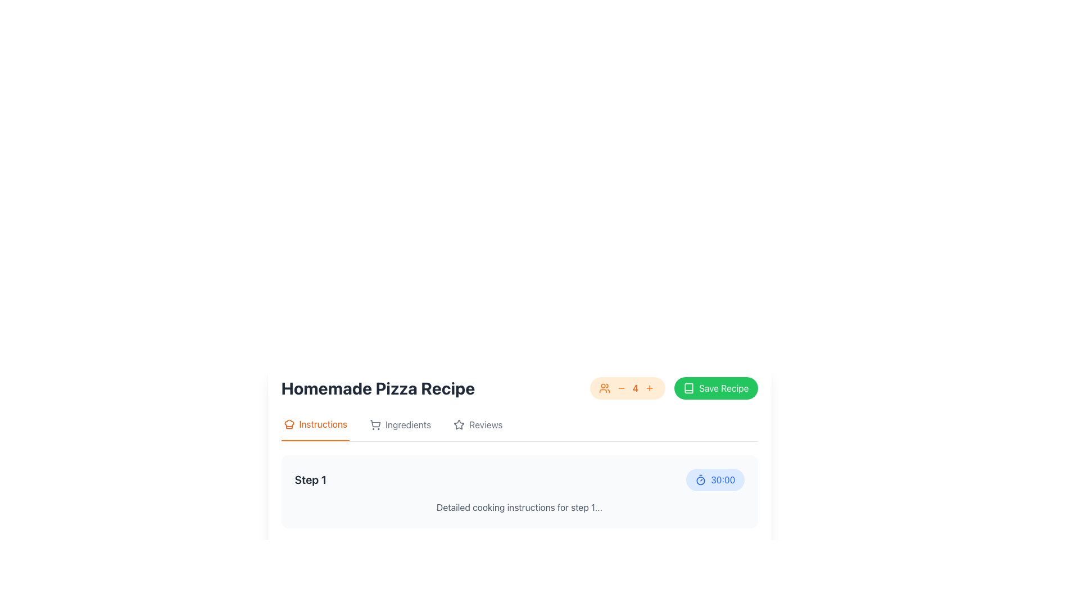 The width and height of the screenshot is (1079, 607). Describe the element at coordinates (400, 429) in the screenshot. I see `the 'Ingredients' menu item, which is a clickable navigation entry with a shopping cart icon, to change its appearance` at that location.